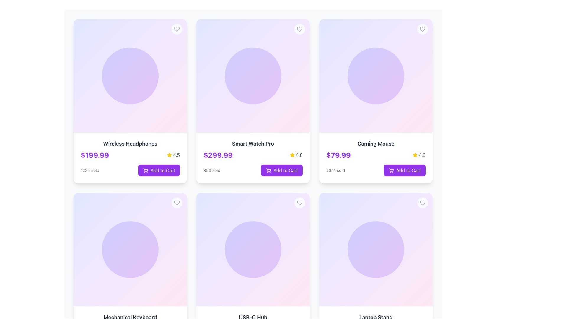 This screenshot has height=319, width=567. What do you see at coordinates (177, 29) in the screenshot?
I see `the favorite icon button in the top-right corner of the 'Wireless Headphones' product card to mark the item as liked` at bounding box center [177, 29].